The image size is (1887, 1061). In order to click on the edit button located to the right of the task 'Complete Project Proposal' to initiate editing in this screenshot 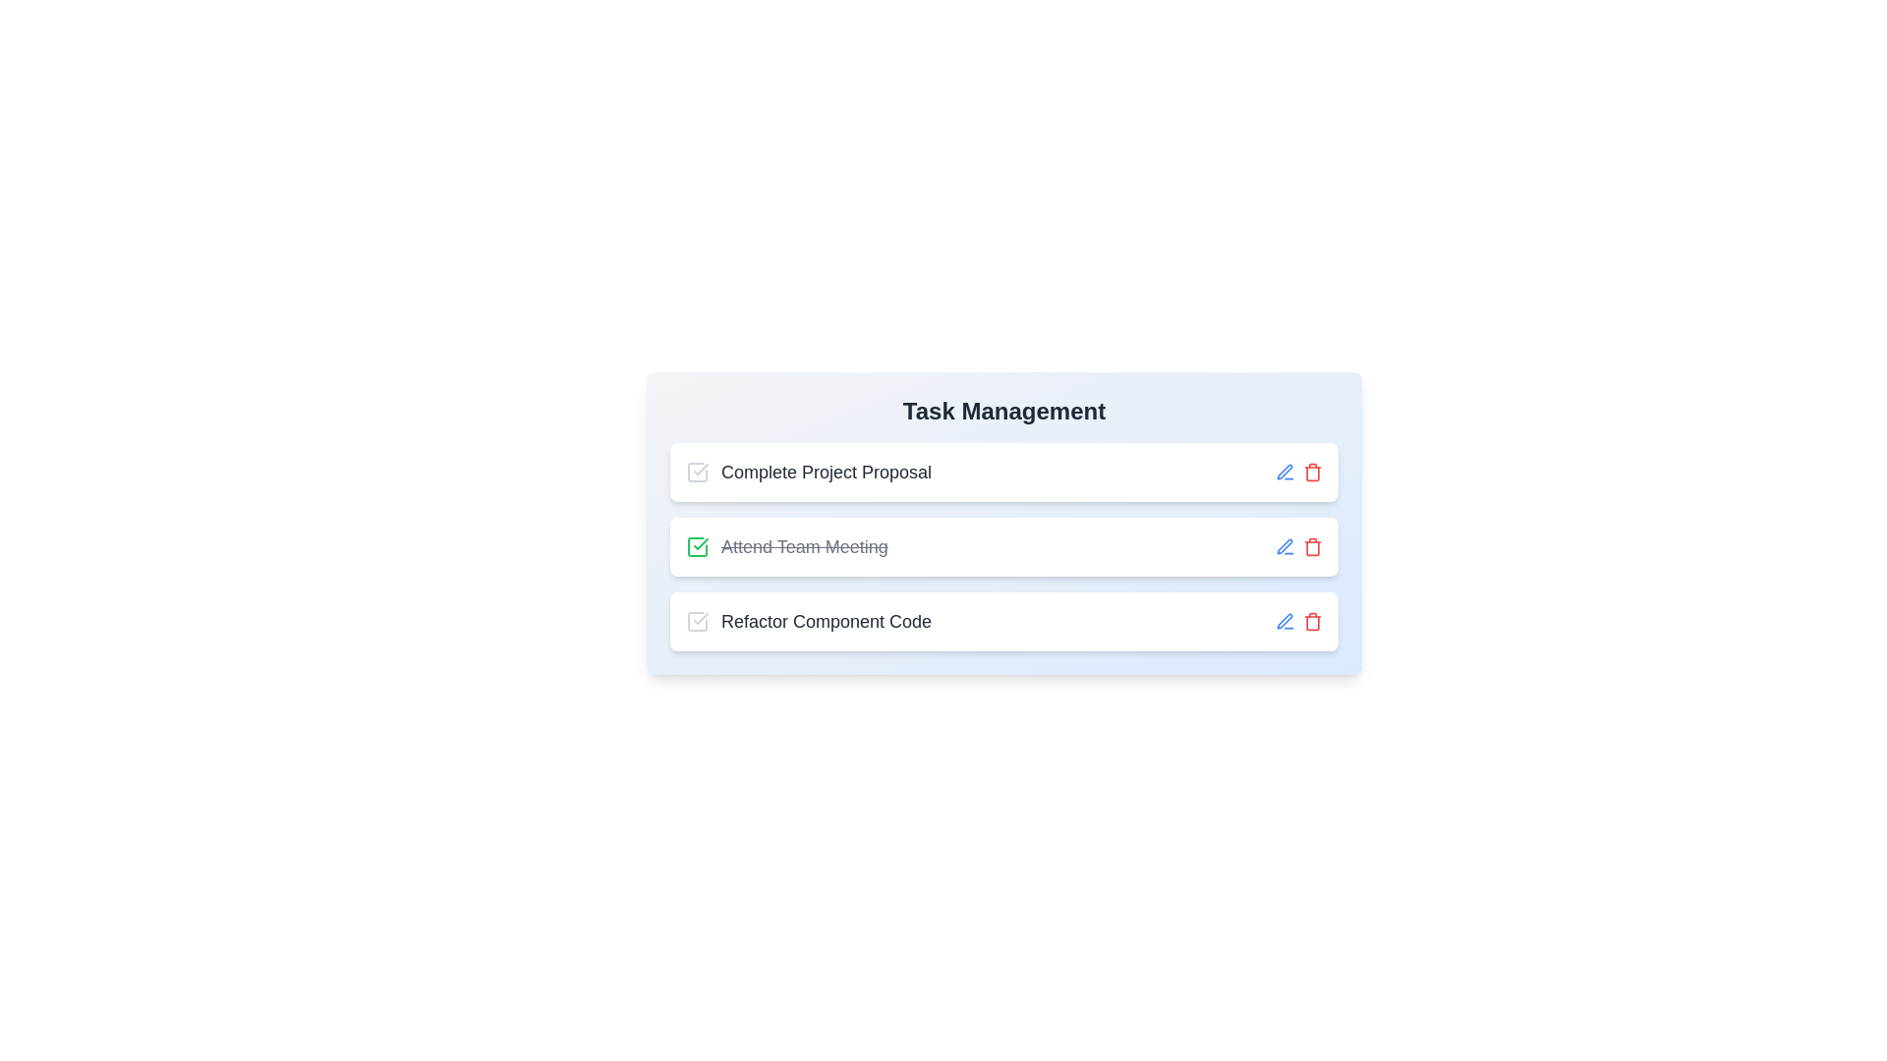, I will do `click(1286, 473)`.